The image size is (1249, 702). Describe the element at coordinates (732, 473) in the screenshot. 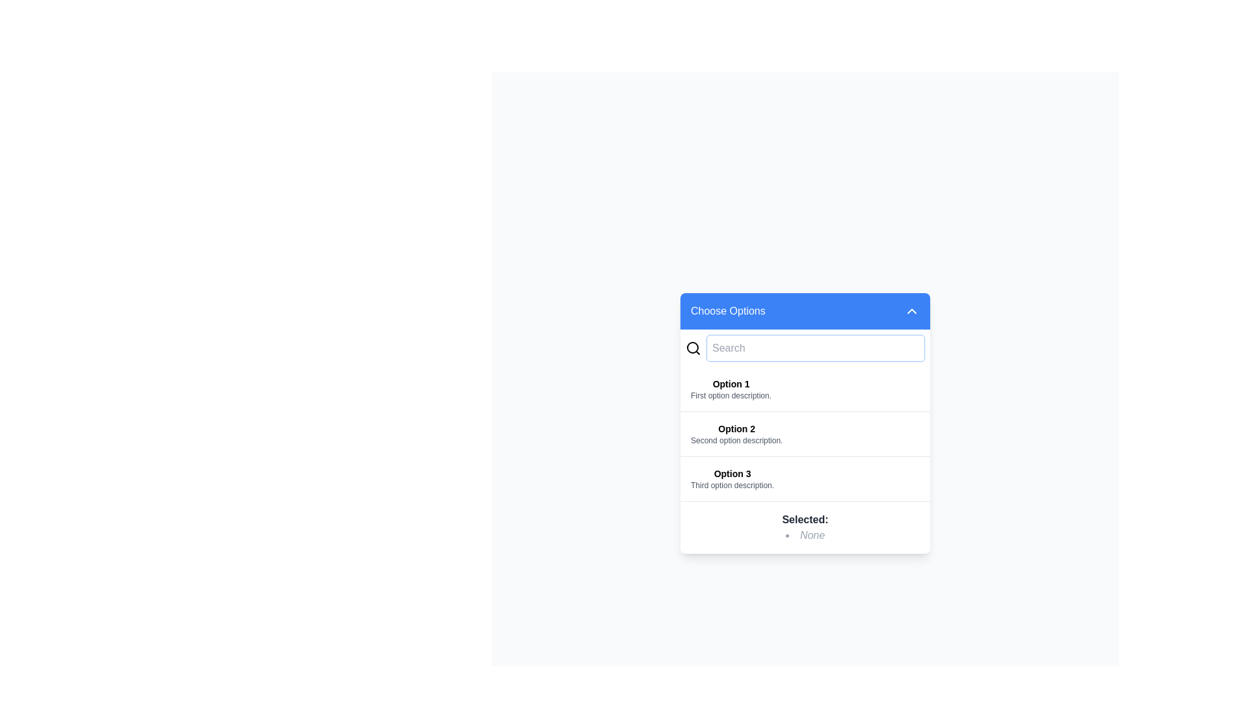

I see `the static text label displaying 'Option 3', which is bold-styled and positioned as the third entry in a list of selectable options` at that location.